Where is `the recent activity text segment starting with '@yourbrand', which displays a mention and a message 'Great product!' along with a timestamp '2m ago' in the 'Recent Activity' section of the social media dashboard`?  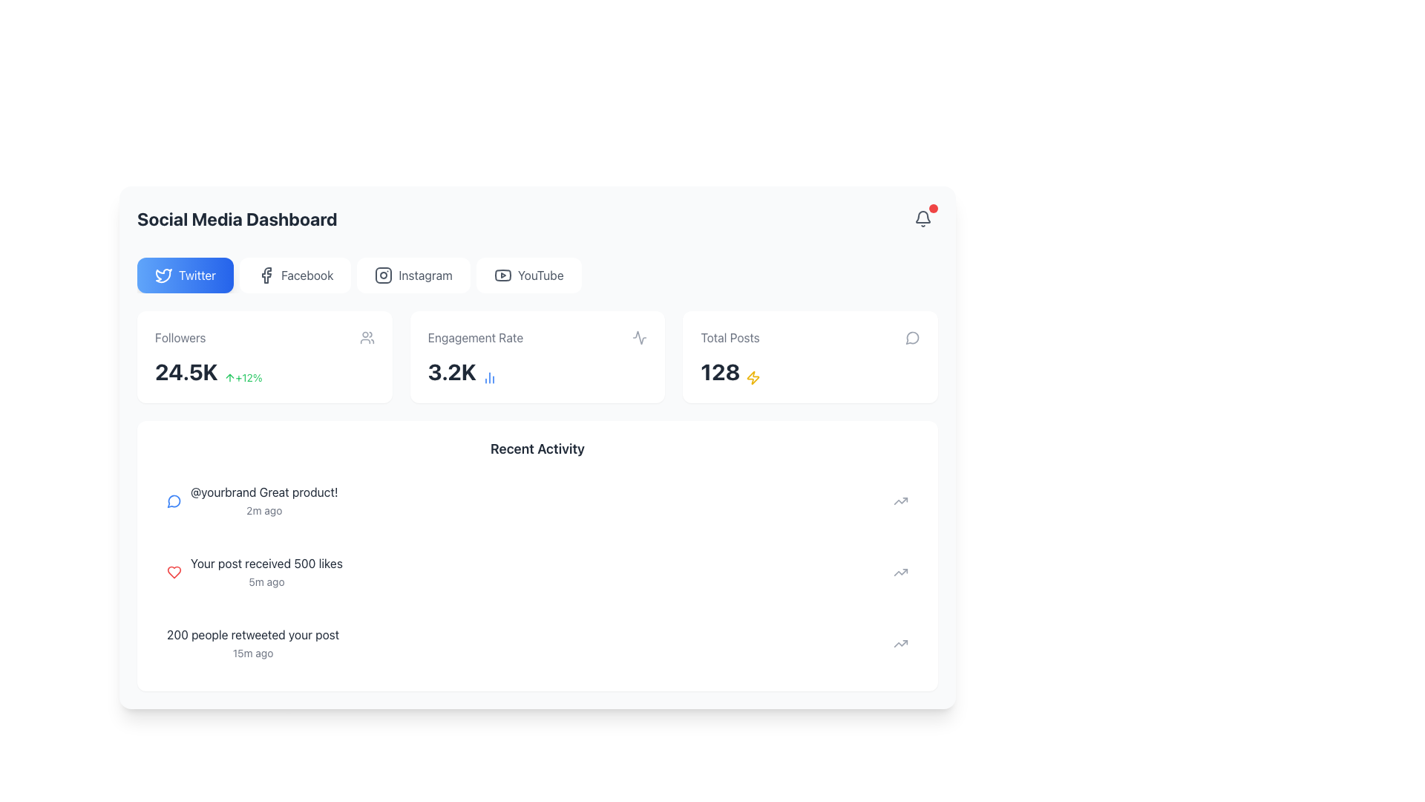
the recent activity text segment starting with '@yourbrand', which displays a mention and a message 'Great product!' along with a timestamp '2m ago' in the 'Recent Activity' section of the social media dashboard is located at coordinates (252, 501).